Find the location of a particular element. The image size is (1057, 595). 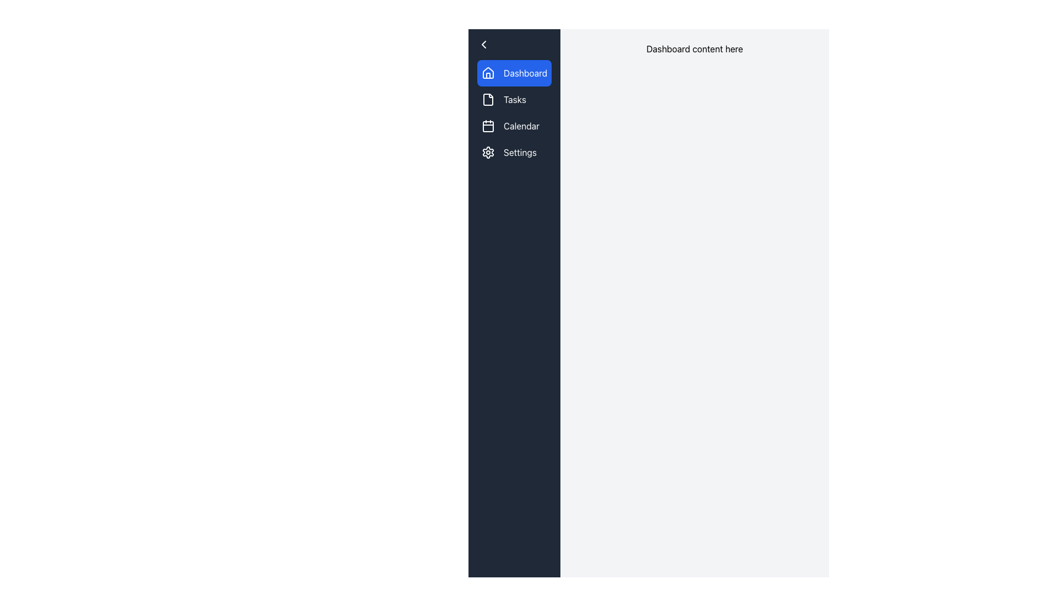

the navigation button located at the top left corner of the sidebar is located at coordinates (483, 44).